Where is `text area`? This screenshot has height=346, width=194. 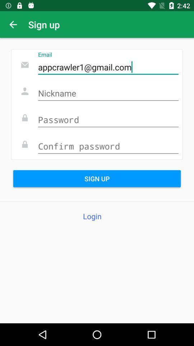
text area is located at coordinates (108, 93).